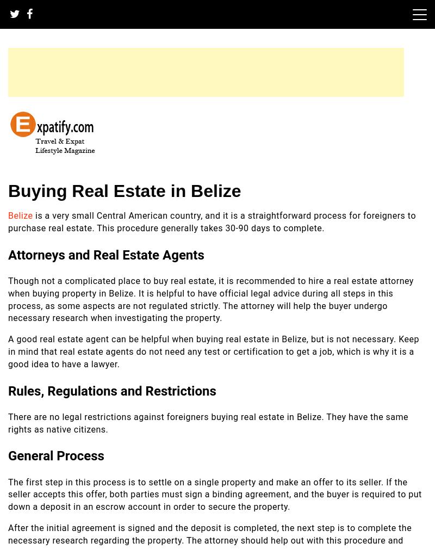 Image resolution: width=435 pixels, height=549 pixels. Describe the element at coordinates (8, 299) in the screenshot. I see `'Though not a complicated place to buy real estate, it is recommended to hire a real estate attorney when buying property in Belize. It is helpful to have official legal advice during all steps in this process, as some aspects are not regulated strictly. The attorney will help the buyer undergo necessary research when investigating the property.'` at that location.